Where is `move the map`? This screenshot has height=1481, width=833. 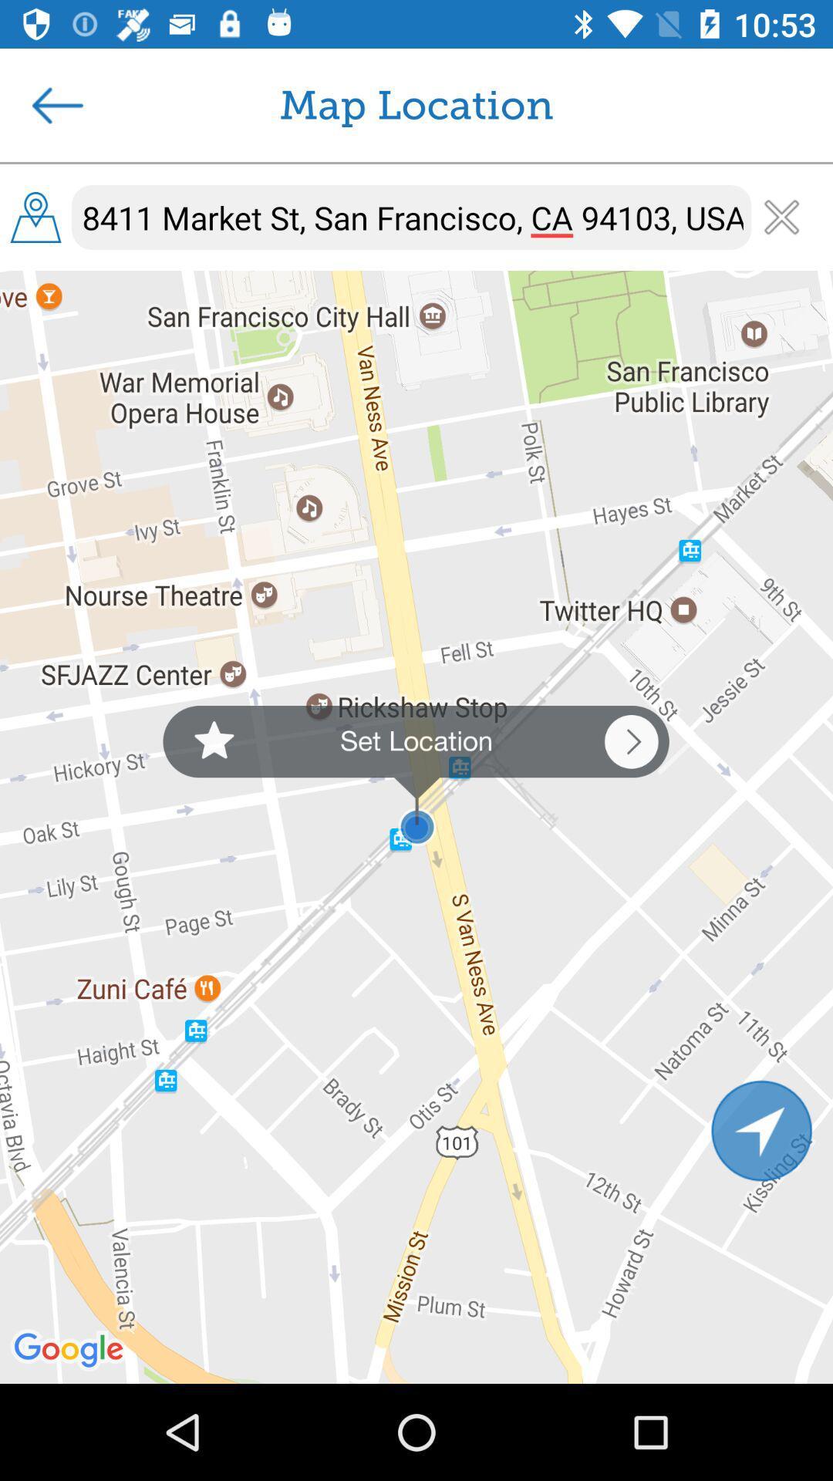
move the map is located at coordinates (761, 1130).